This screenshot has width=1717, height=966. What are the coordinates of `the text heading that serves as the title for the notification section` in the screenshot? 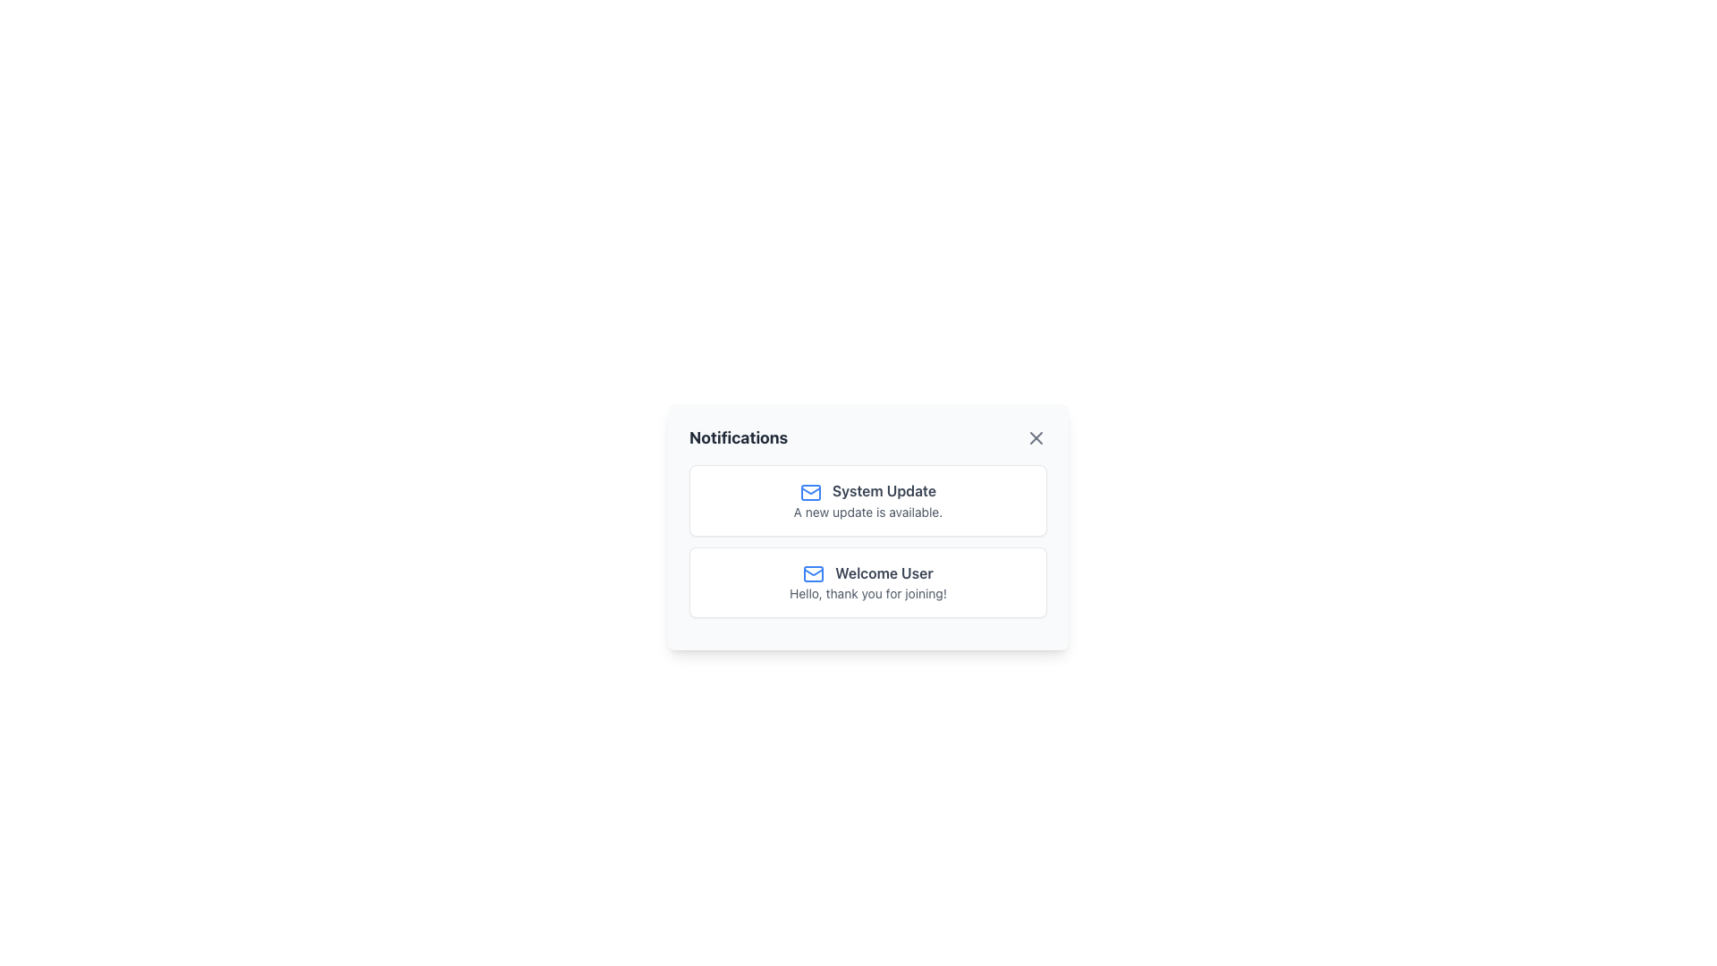 It's located at (739, 437).